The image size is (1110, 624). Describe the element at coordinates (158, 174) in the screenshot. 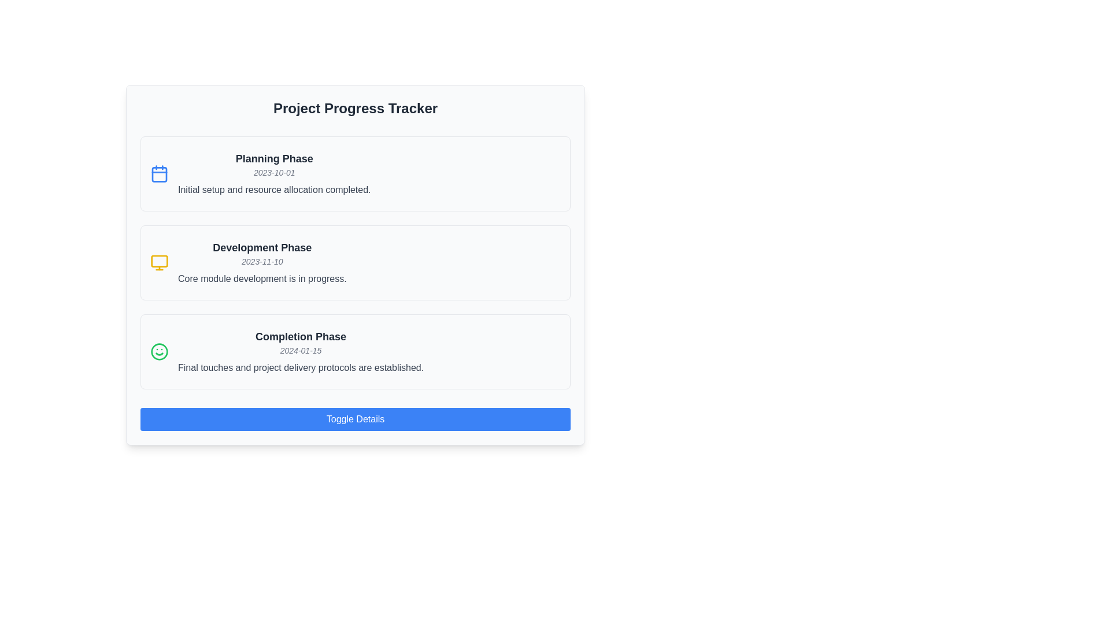

I see `the graphical decorative element of the calendar icon located in the 'Planning Phase' section, which serves as a visual detail and does not directly interact with users` at that location.